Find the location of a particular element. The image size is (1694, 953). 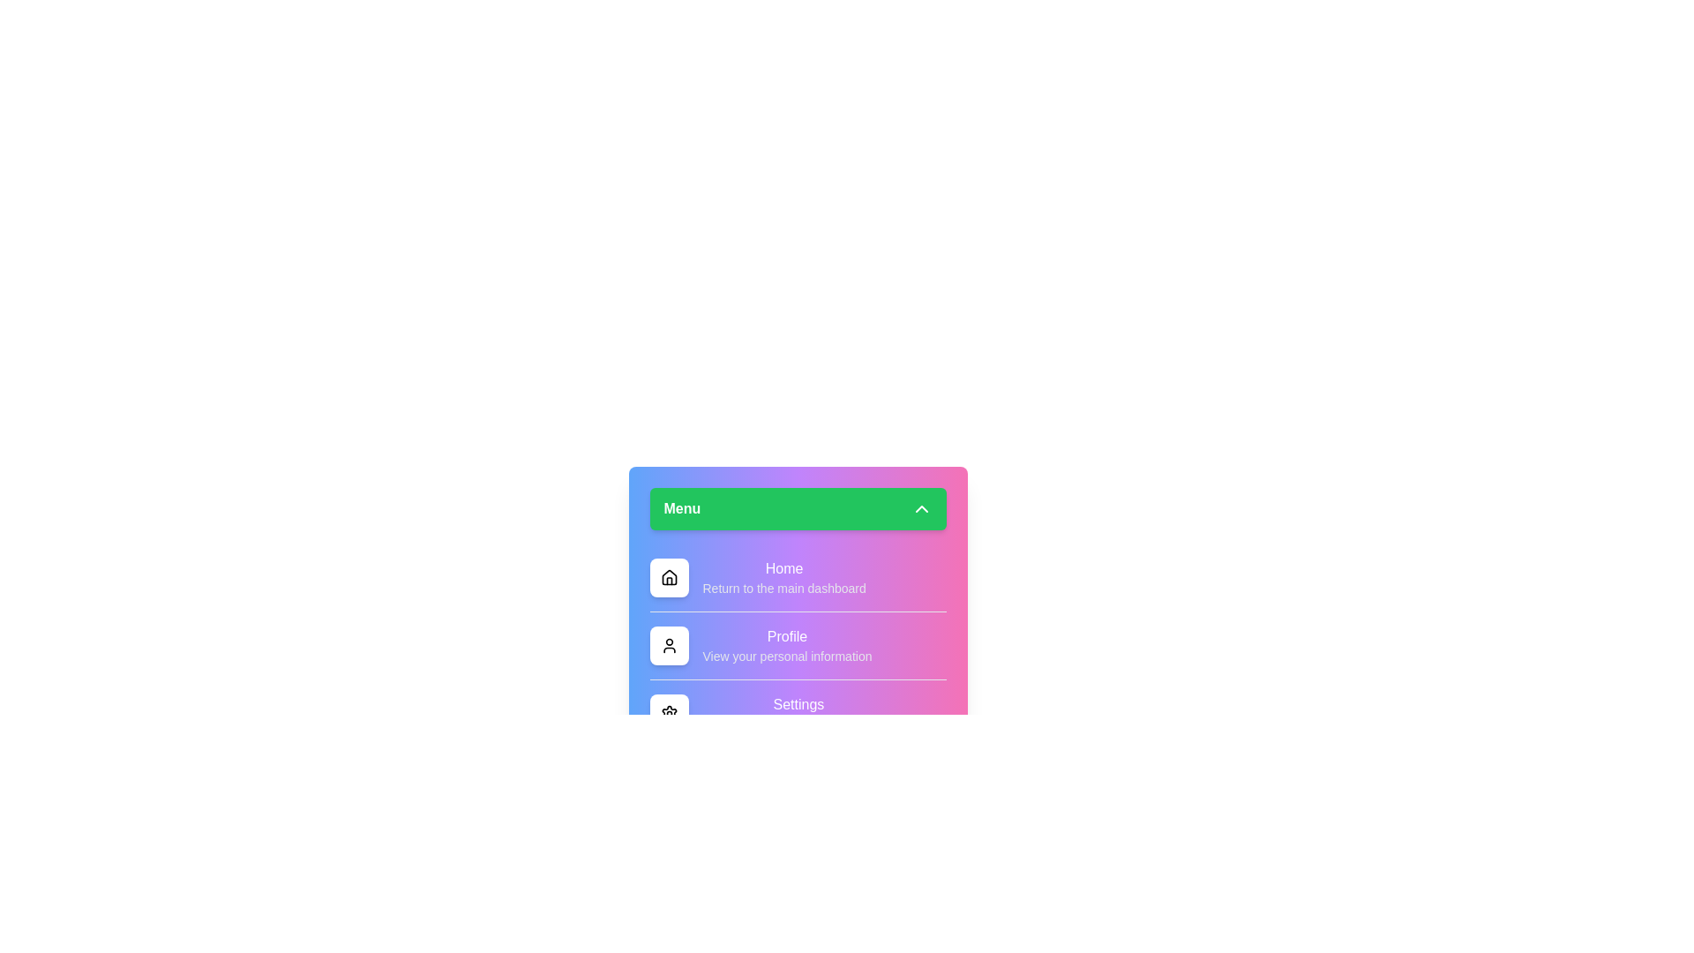

the menu item corresponding to Profile is located at coordinates (668, 646).